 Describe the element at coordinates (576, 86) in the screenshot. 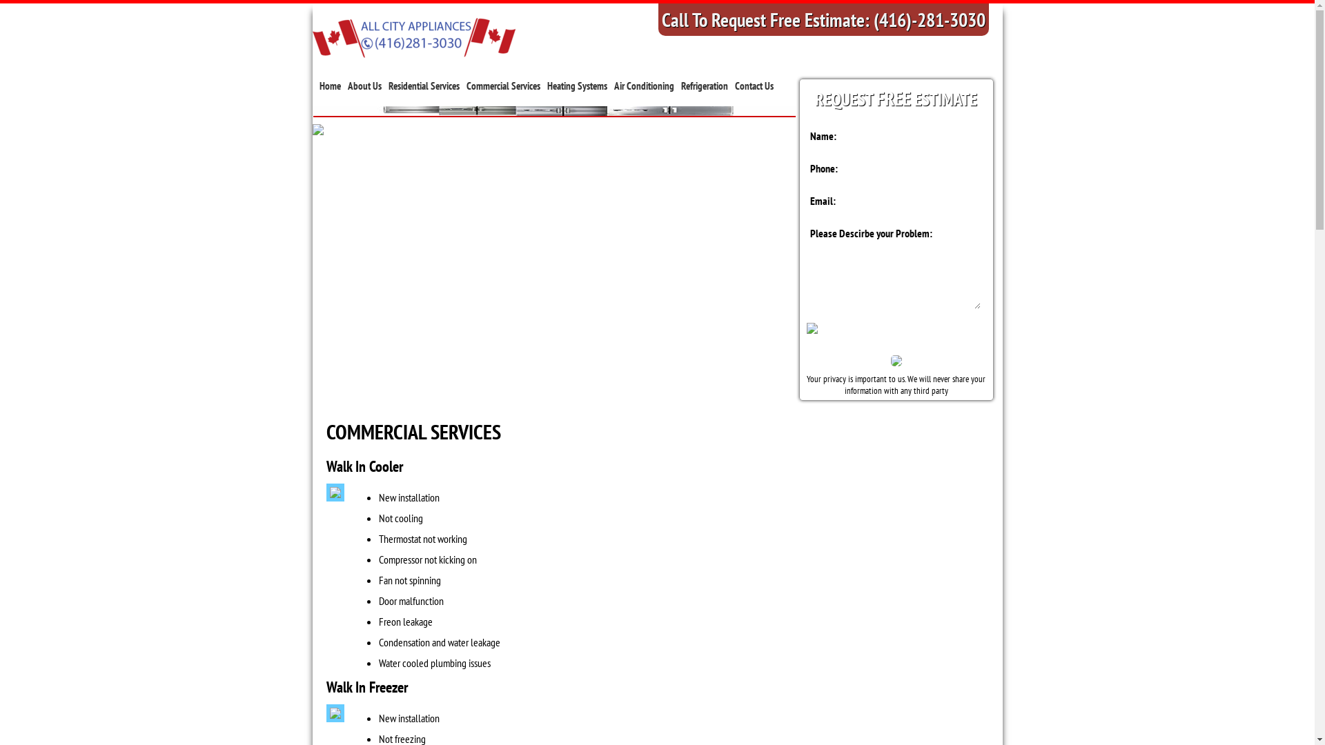

I see `'Heating Systems'` at that location.